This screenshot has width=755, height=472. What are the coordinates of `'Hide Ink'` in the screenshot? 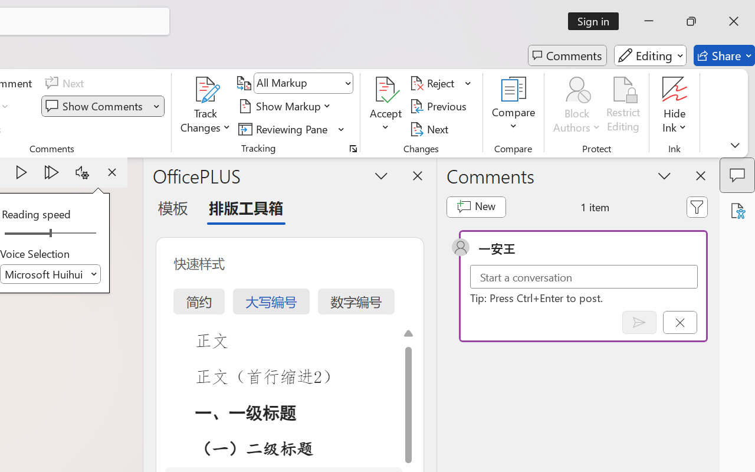 It's located at (675, 106).